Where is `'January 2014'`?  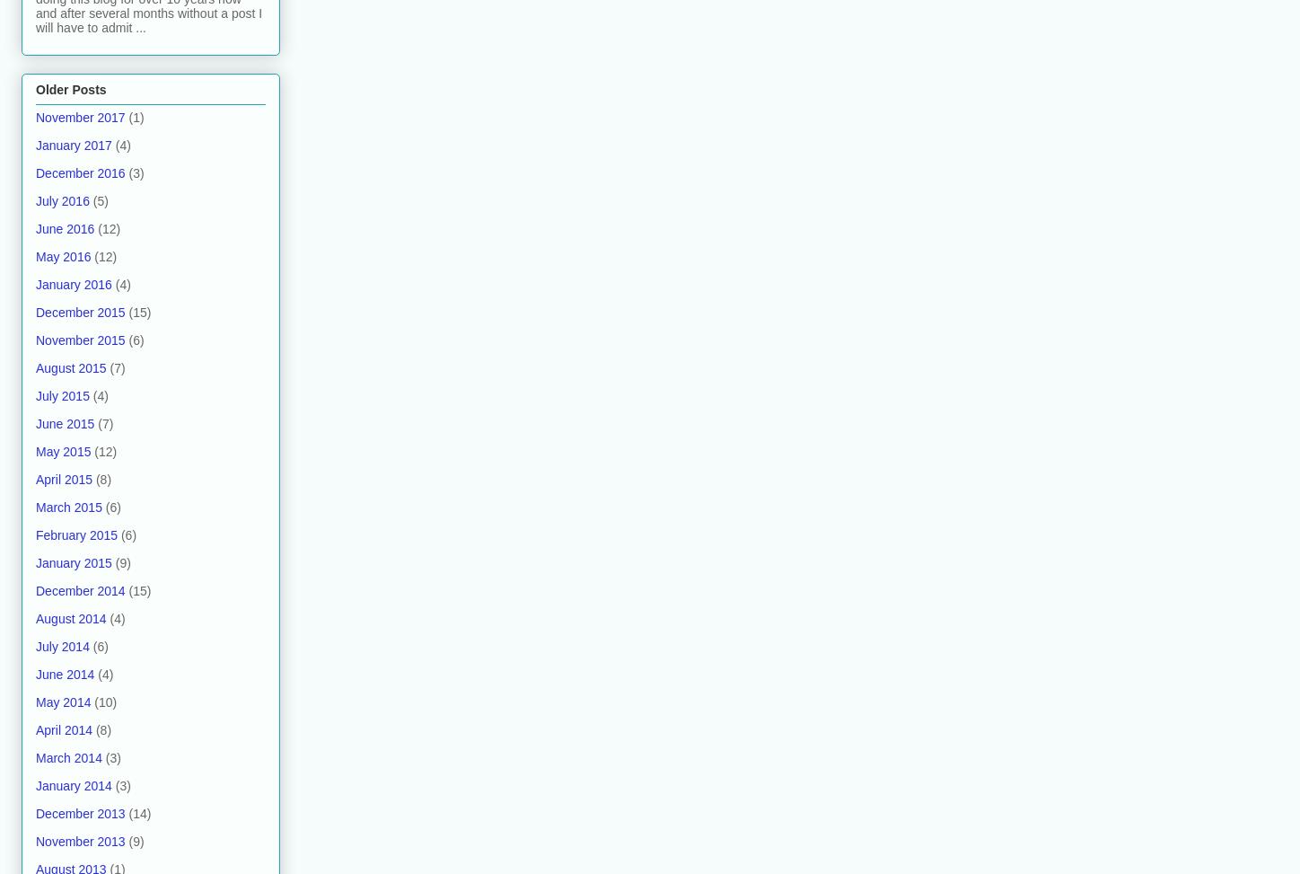 'January 2014' is located at coordinates (73, 785).